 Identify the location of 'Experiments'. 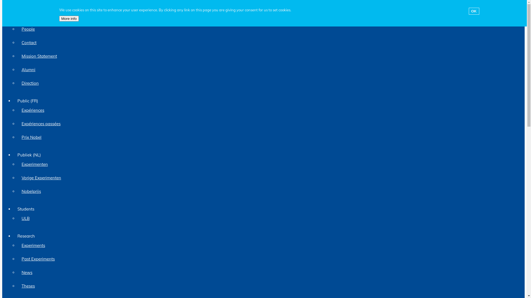
(21, 245).